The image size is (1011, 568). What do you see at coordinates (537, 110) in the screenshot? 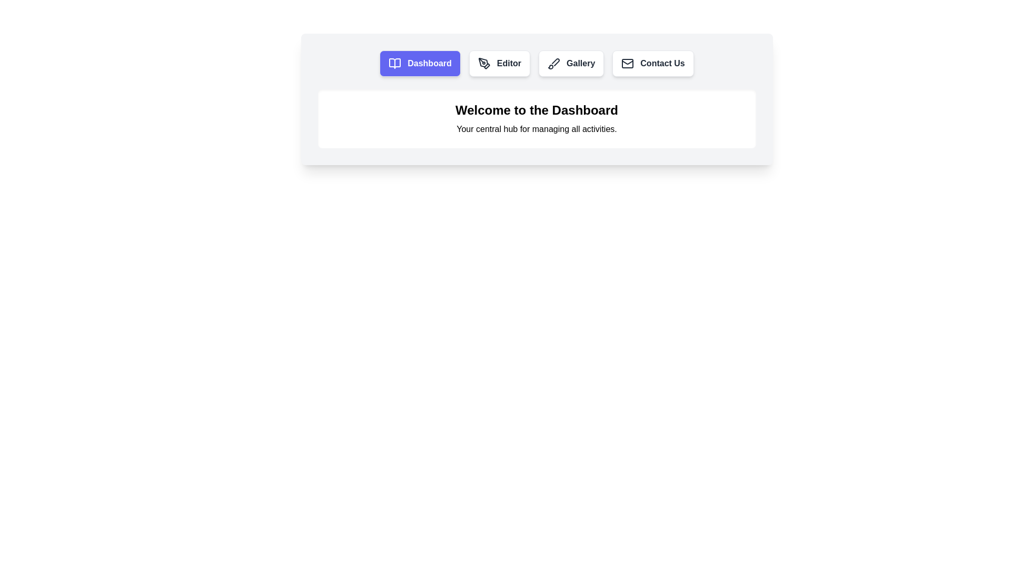
I see `header text 'Welcome to the Dashboard.' which is the topmost textual element styled in bold and larger font` at bounding box center [537, 110].